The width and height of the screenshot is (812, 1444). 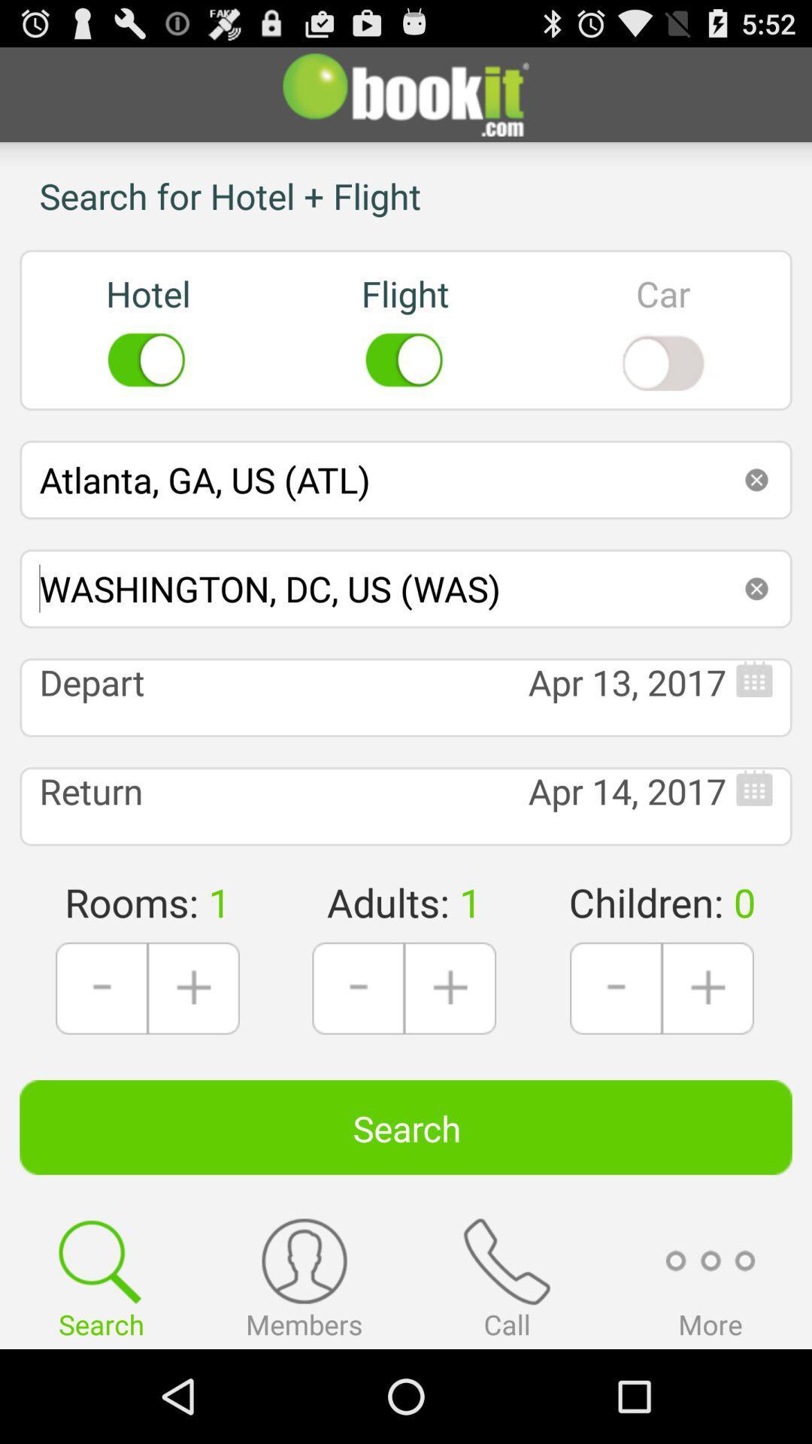 I want to click on the minus icon, so click(x=101, y=1057).